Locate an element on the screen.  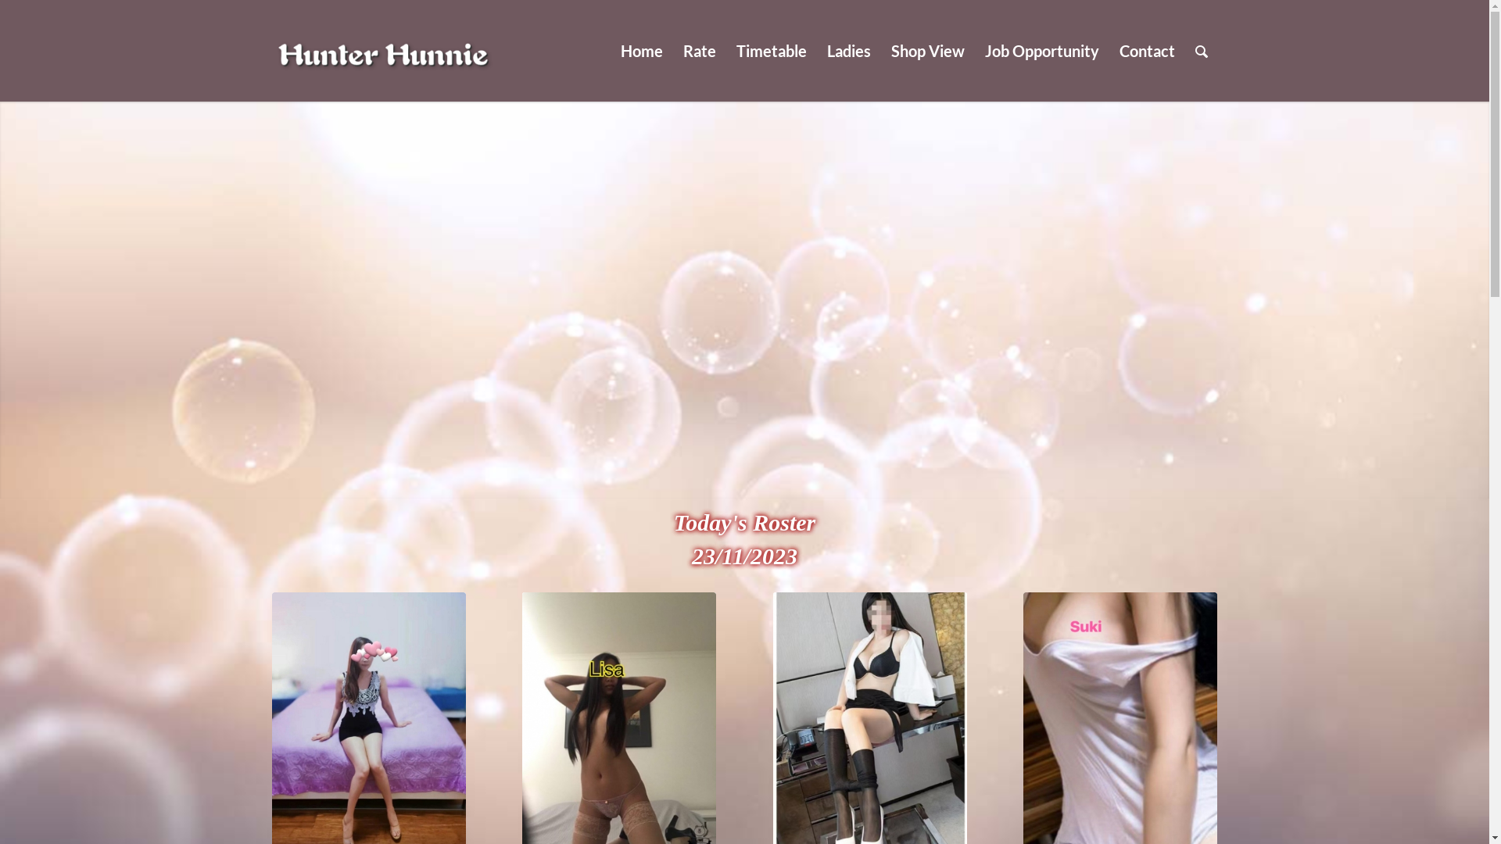
'Rate' is located at coordinates (697, 50).